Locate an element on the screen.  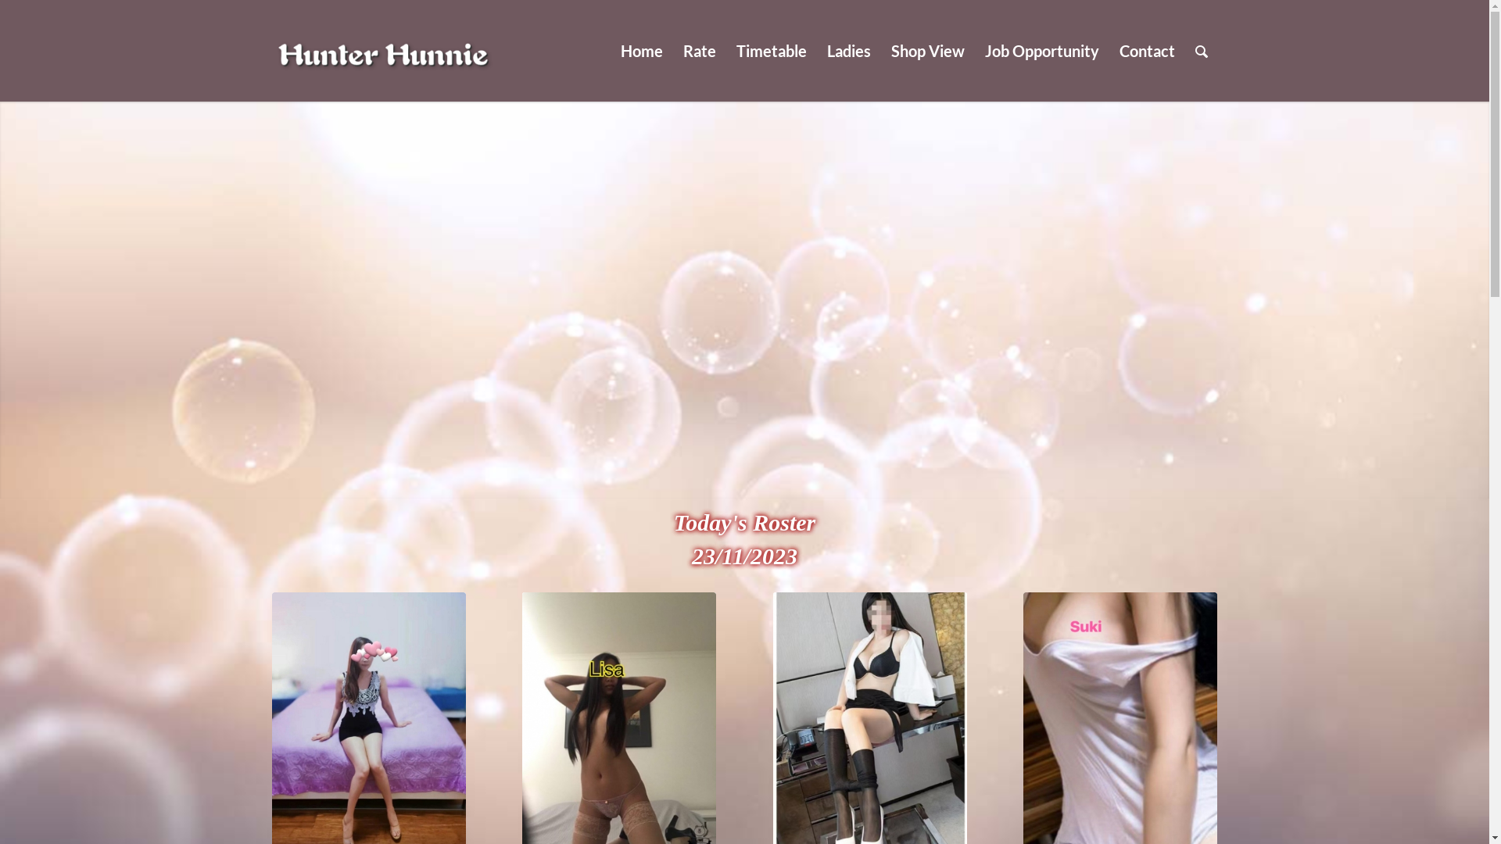
'Rate' is located at coordinates (697, 50).